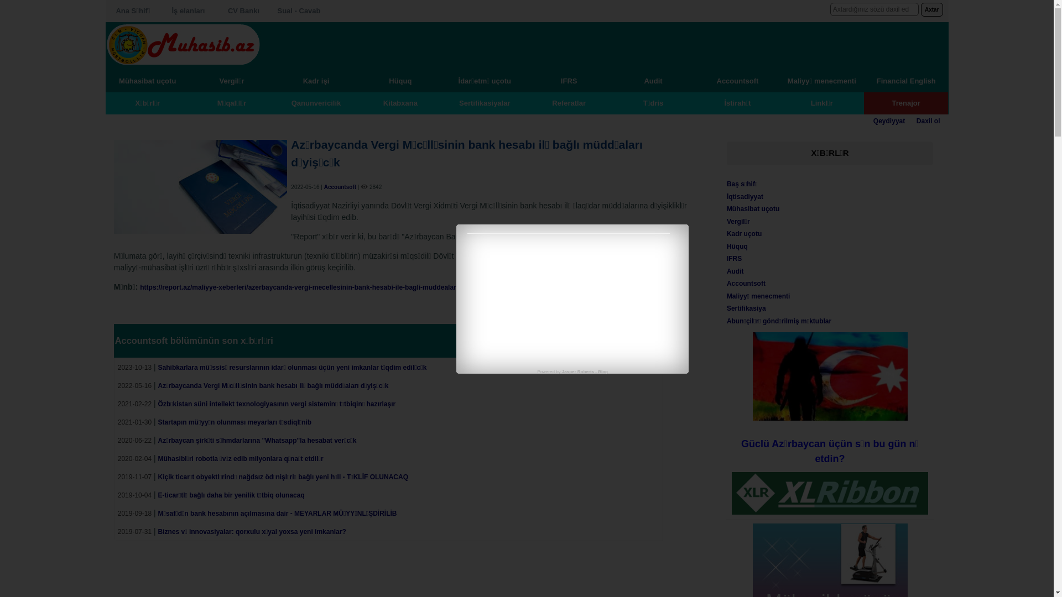 Image resolution: width=1062 pixels, height=597 pixels. What do you see at coordinates (653, 80) in the screenshot?
I see `'Audit'` at bounding box center [653, 80].